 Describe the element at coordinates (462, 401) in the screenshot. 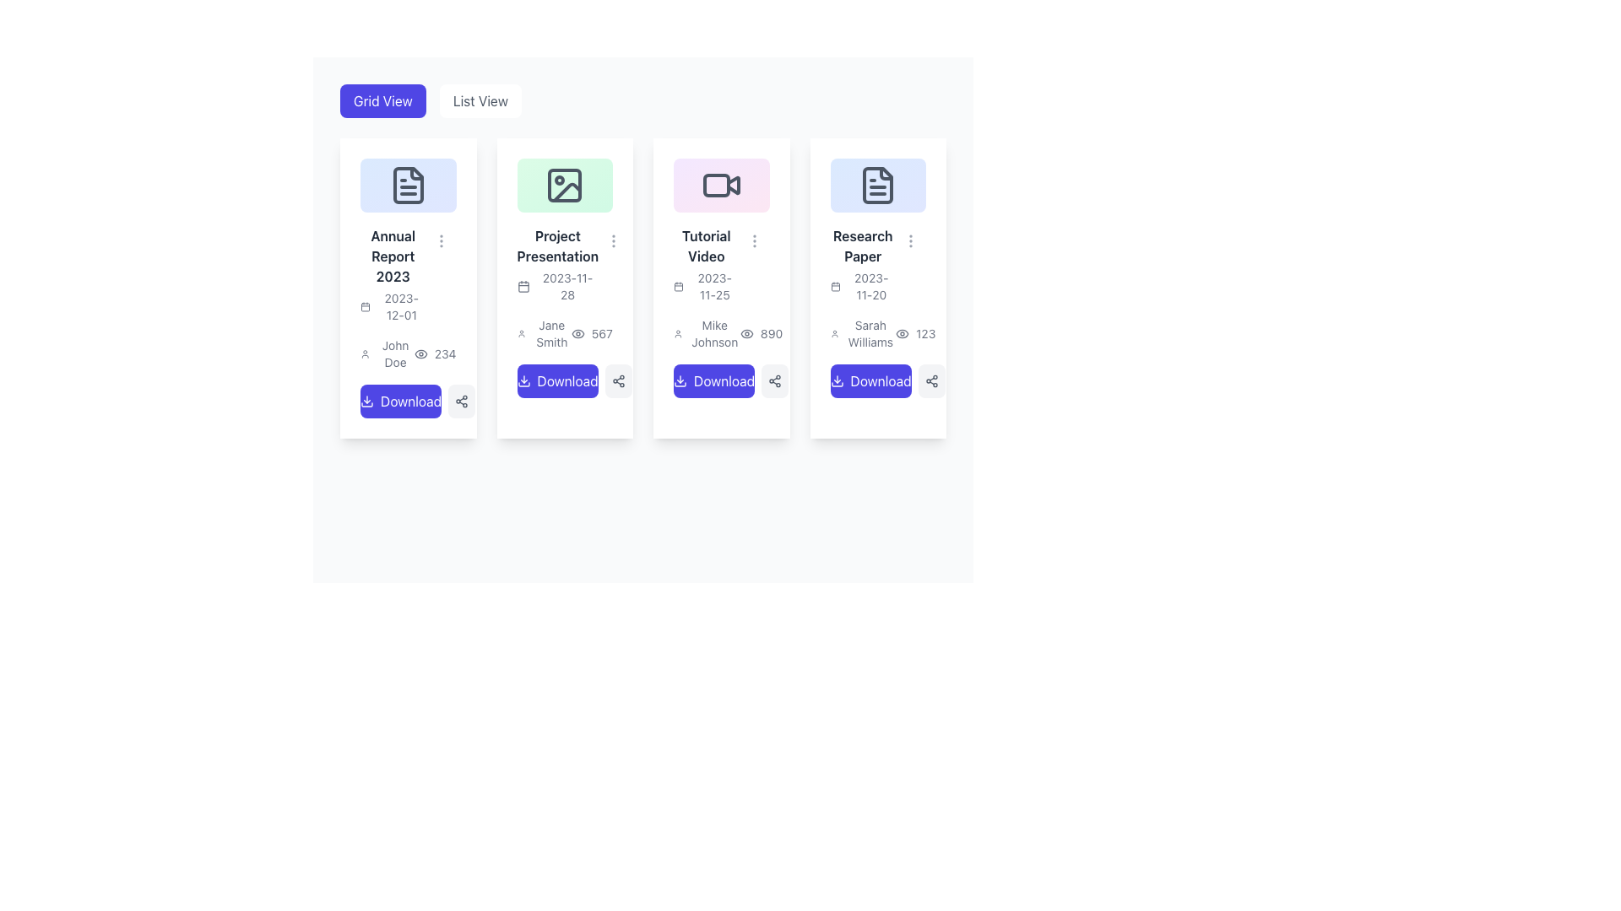

I see `the three-dot node diagram icon located at the bottom-right corner of the 'Annual Report 2023' card` at that location.